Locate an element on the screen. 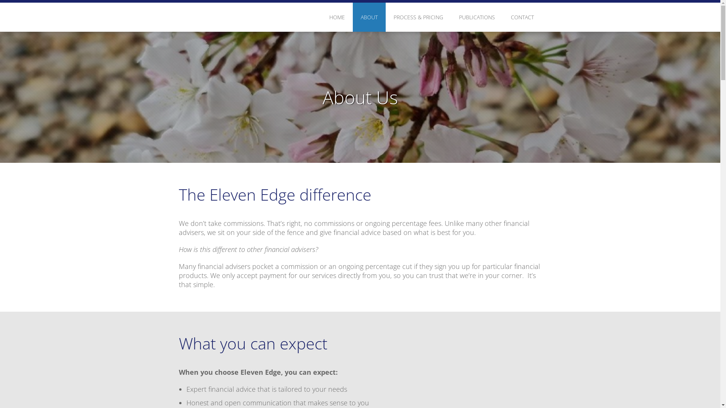 This screenshot has height=408, width=726. 'PUBLICATIONS' is located at coordinates (476, 17).